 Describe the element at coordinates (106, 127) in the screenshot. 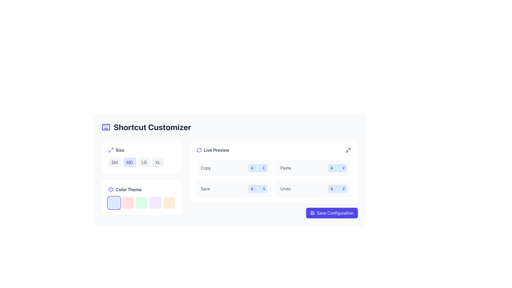

I see `the decorative icon representing key customization located to the left of the 'Shortcut Customizer' title in the upper-left part of the application's interface` at that location.